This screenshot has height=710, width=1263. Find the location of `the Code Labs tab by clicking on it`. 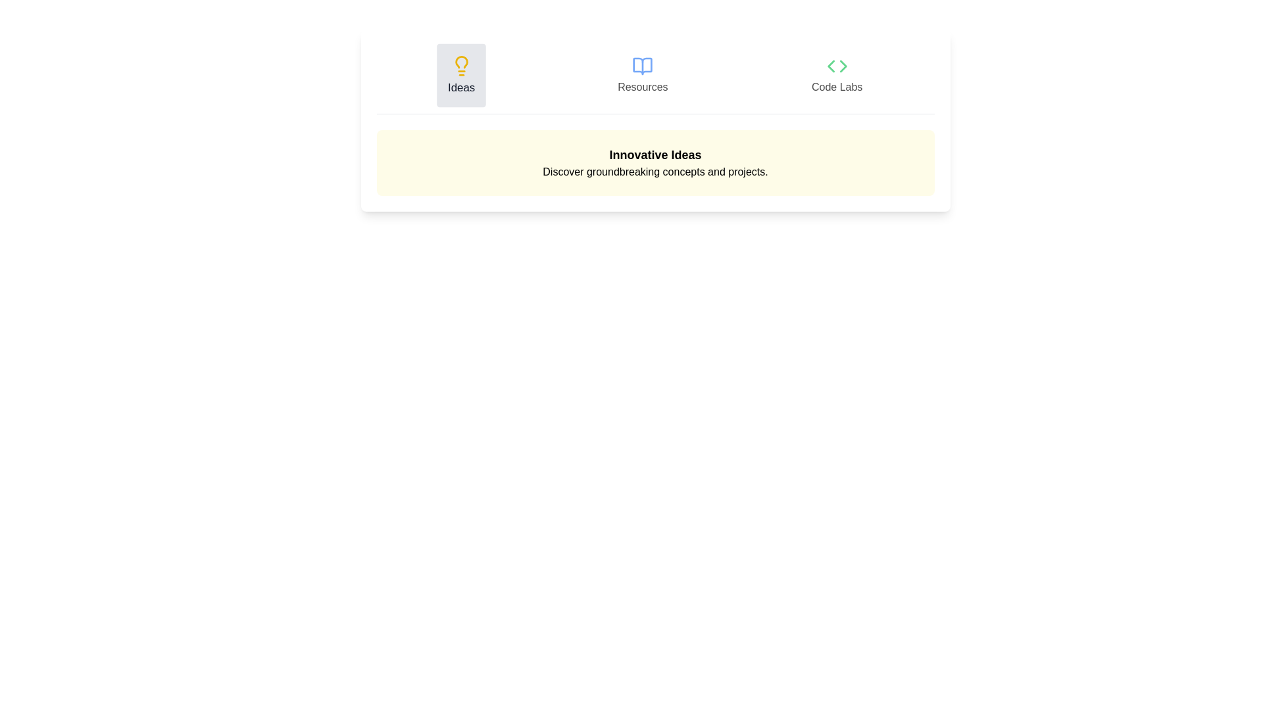

the Code Labs tab by clicking on it is located at coordinates (836, 76).